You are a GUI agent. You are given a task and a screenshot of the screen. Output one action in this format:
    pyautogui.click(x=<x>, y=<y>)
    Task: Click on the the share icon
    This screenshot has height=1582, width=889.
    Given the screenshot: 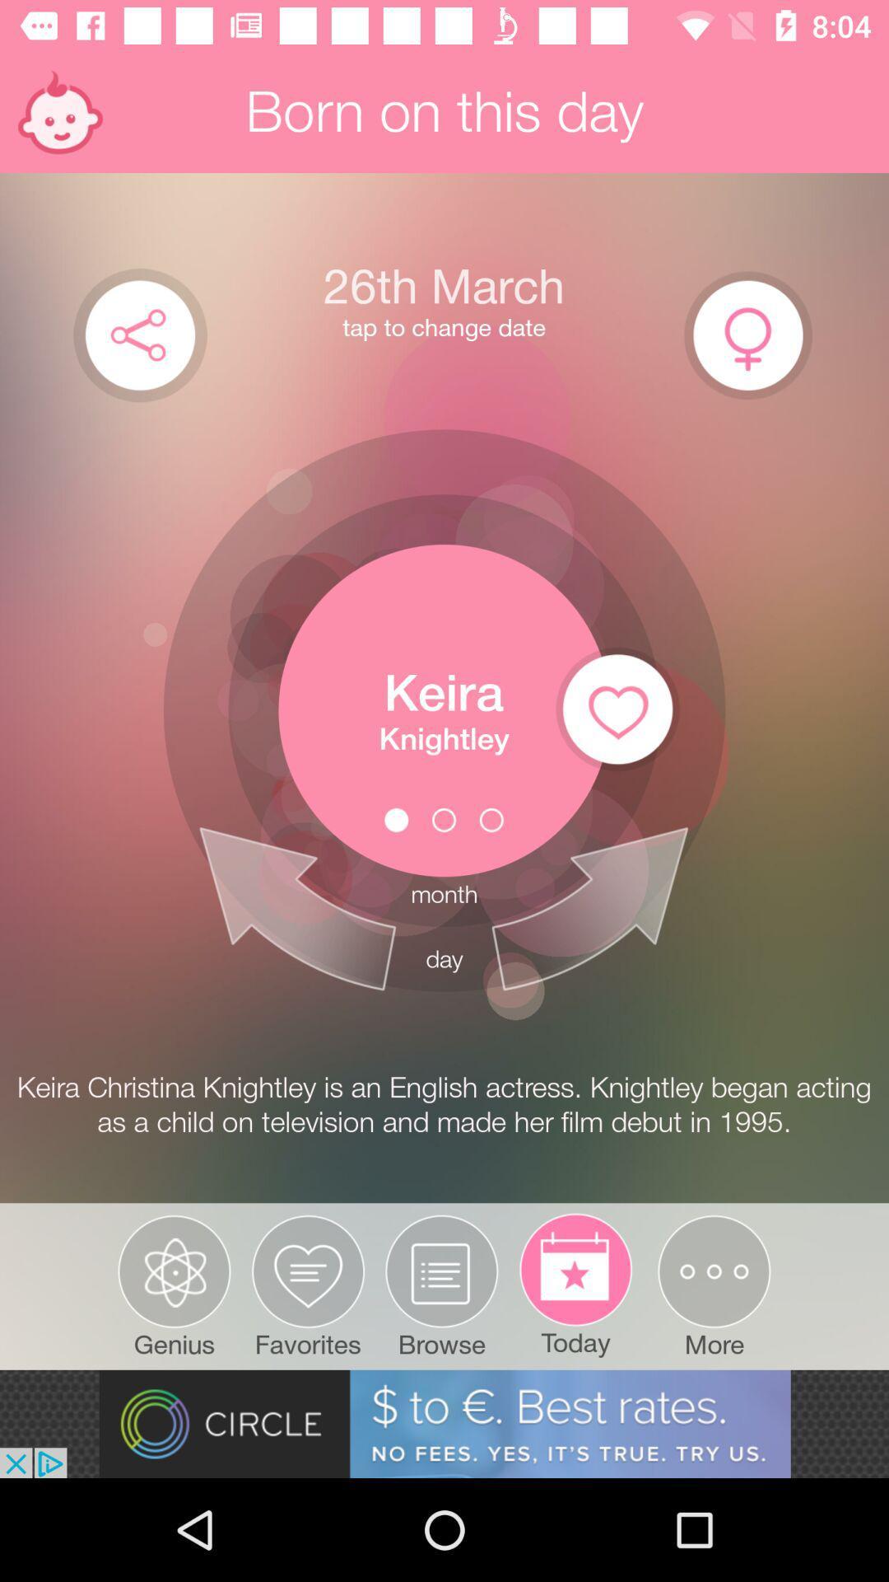 What is the action you would take?
    pyautogui.click(x=139, y=334)
    